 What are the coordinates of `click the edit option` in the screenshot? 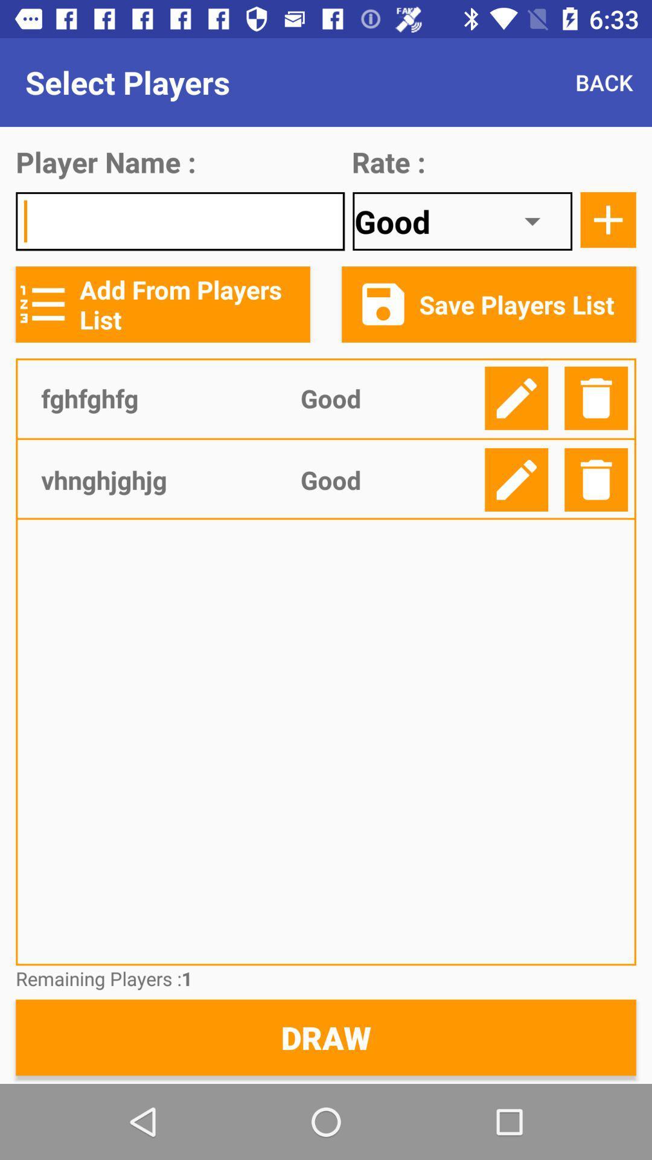 It's located at (516, 398).